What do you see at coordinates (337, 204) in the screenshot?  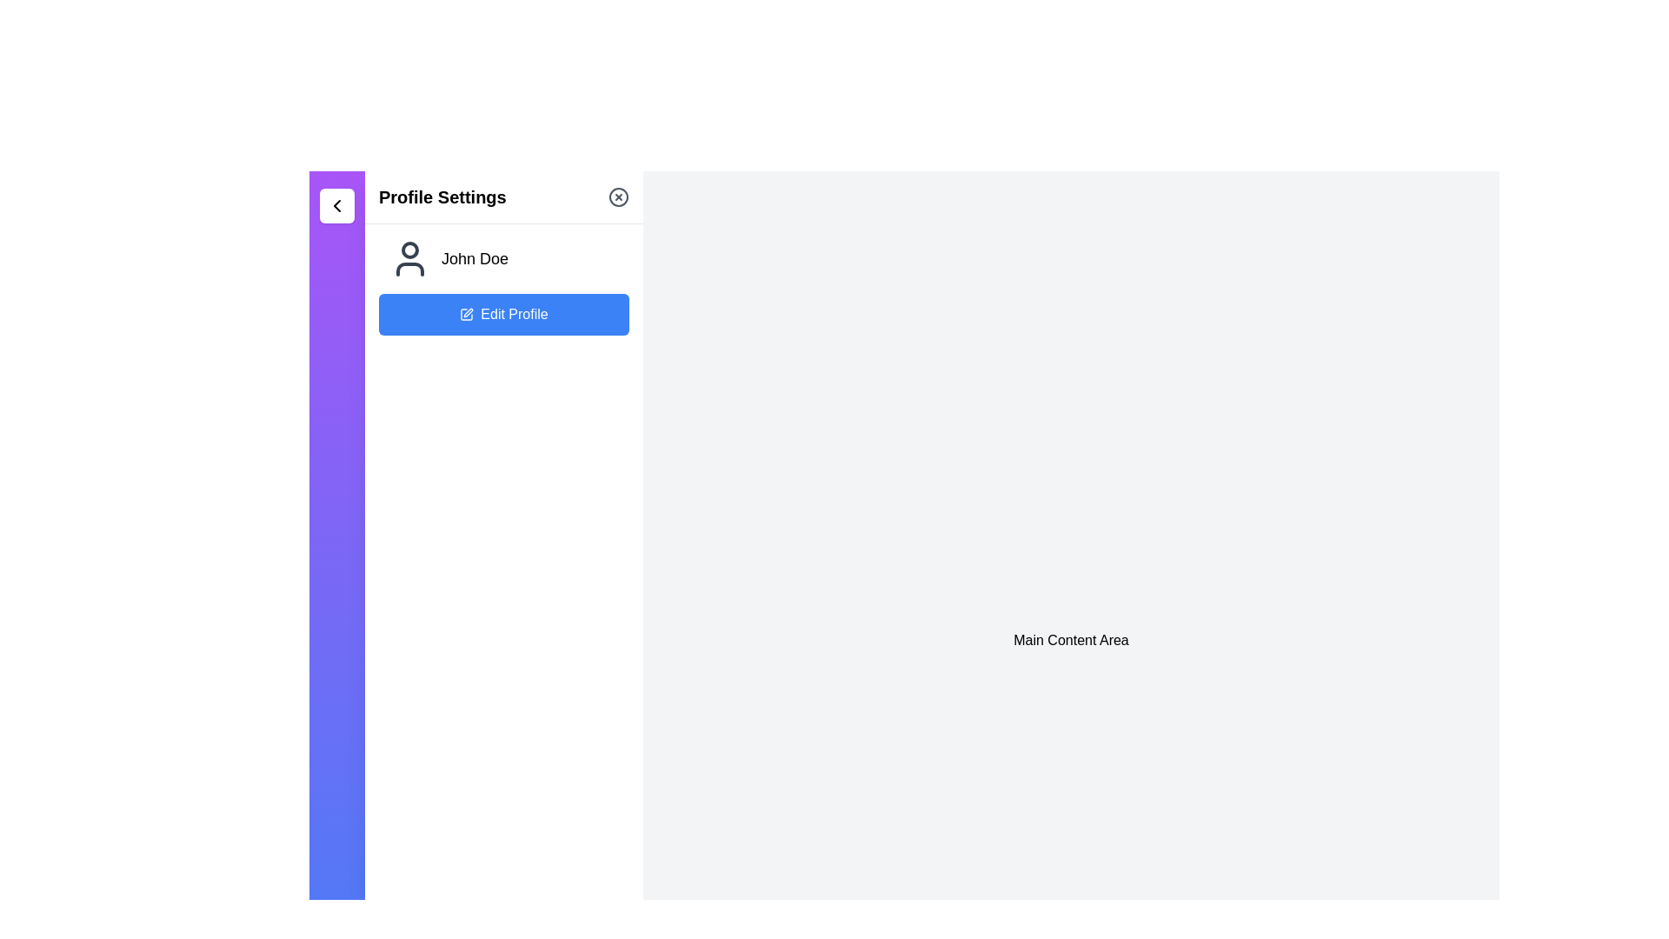 I see `the chevron icon button located in the top-left corner of the interface within the sidebar, just above the 'Profile Settings' section` at bounding box center [337, 204].